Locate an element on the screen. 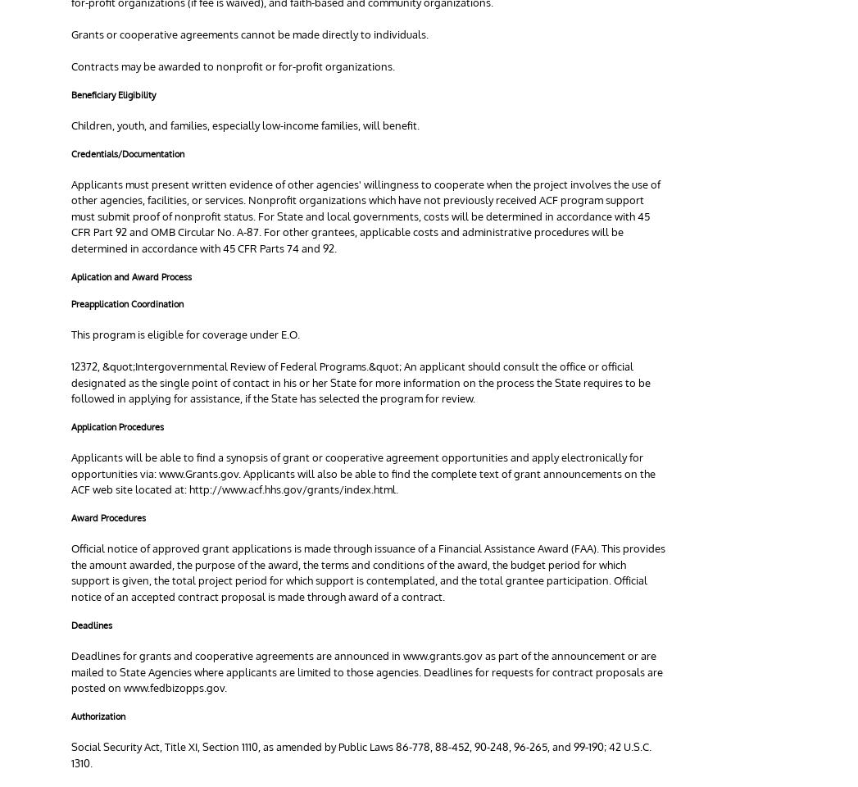 The width and height of the screenshot is (858, 787). 'This program is eligible for coverage under E.O.' is located at coordinates (184, 334).